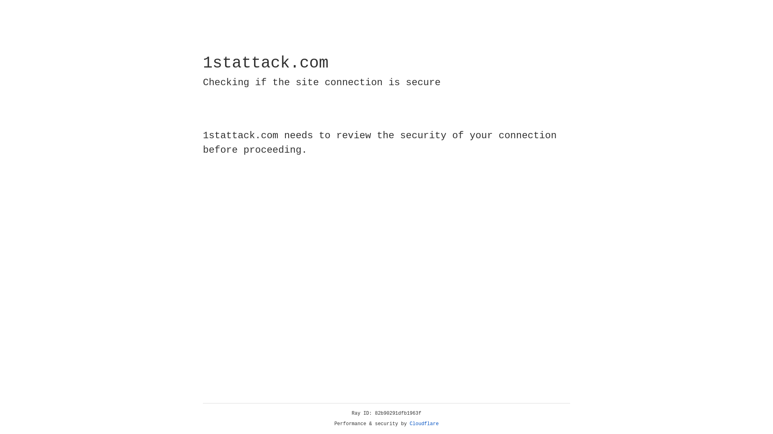  Describe the element at coordinates (424, 424) in the screenshot. I see `'Cloudflare'` at that location.